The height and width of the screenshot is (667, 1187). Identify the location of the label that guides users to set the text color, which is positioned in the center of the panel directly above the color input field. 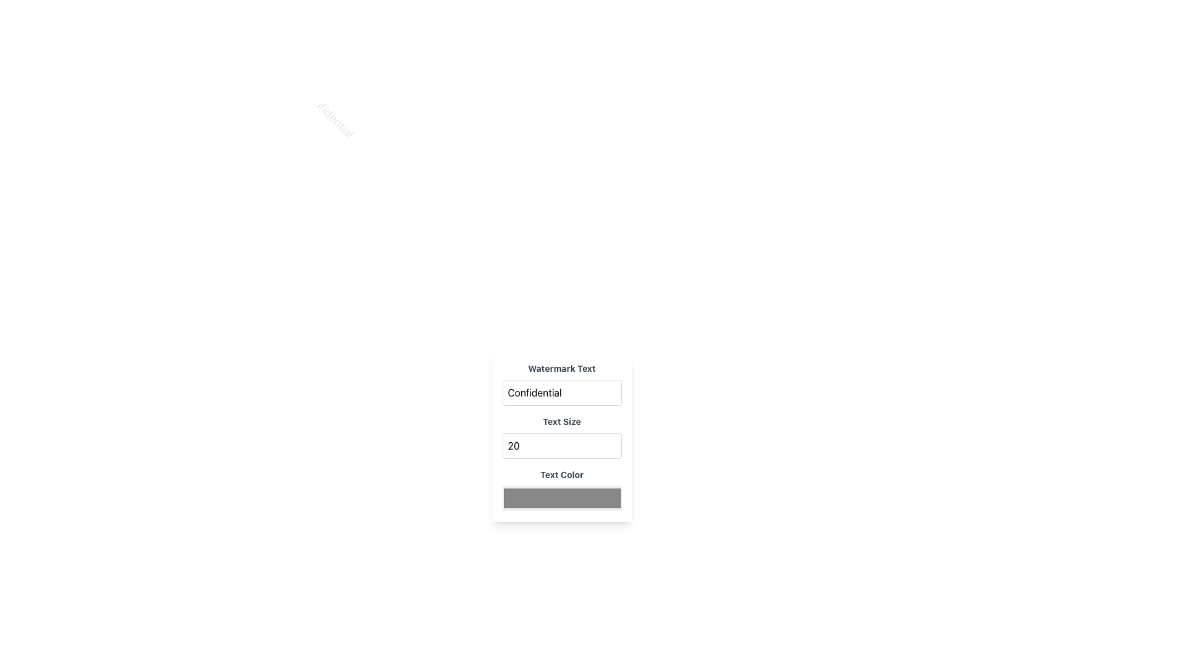
(561, 474).